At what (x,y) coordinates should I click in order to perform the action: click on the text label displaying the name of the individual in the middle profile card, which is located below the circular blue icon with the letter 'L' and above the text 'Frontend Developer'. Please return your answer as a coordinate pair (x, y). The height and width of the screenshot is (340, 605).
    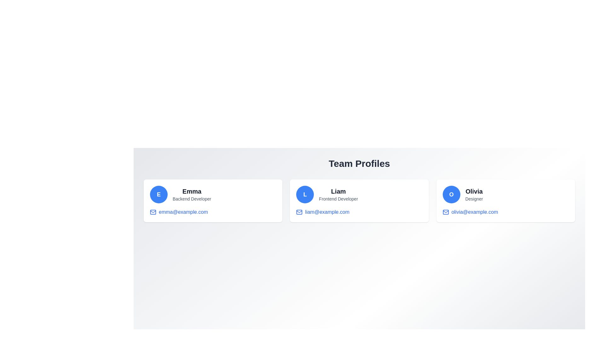
    Looking at the image, I should click on (338, 191).